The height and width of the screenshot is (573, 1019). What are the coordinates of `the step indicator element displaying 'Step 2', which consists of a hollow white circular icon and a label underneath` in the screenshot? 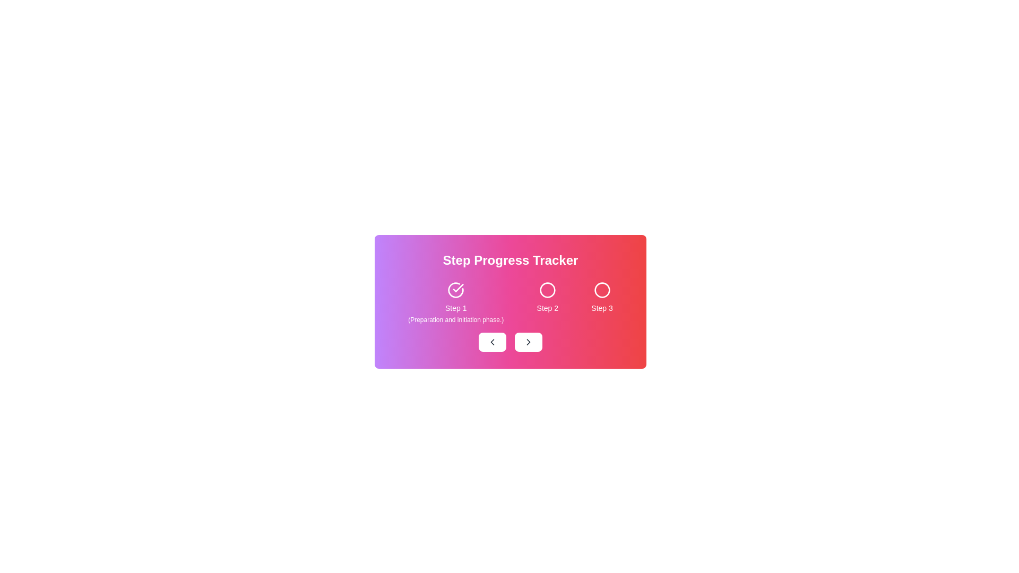 It's located at (547, 302).